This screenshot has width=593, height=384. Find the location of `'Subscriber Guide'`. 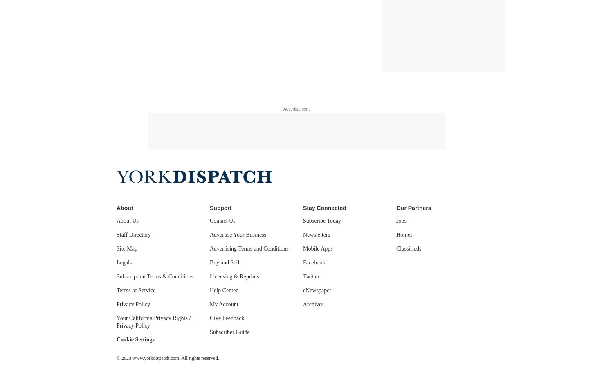

'Subscriber Guide' is located at coordinates (229, 332).